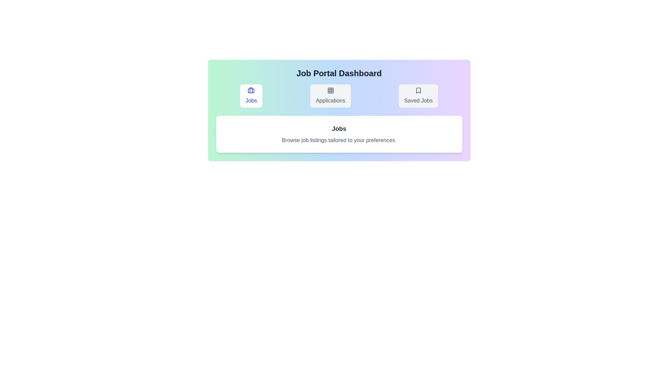 Image resolution: width=656 pixels, height=369 pixels. What do you see at coordinates (418, 96) in the screenshot?
I see `the Saved Jobs section by clicking on the corresponding tab` at bounding box center [418, 96].